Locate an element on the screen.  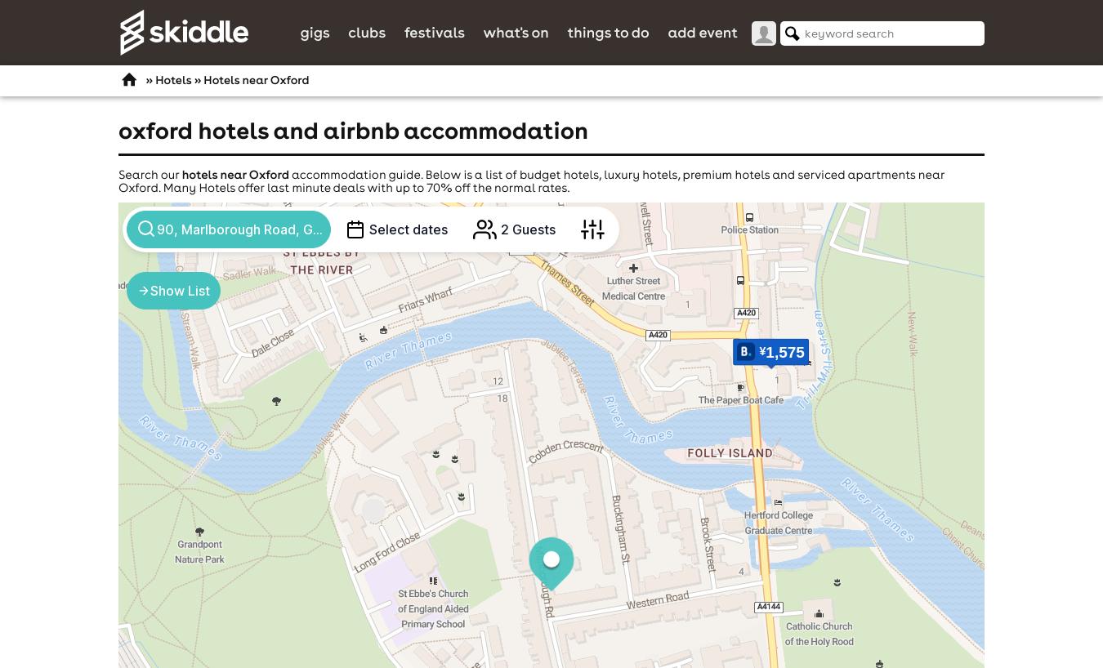
'hotels near Oxford' is located at coordinates (181, 173).